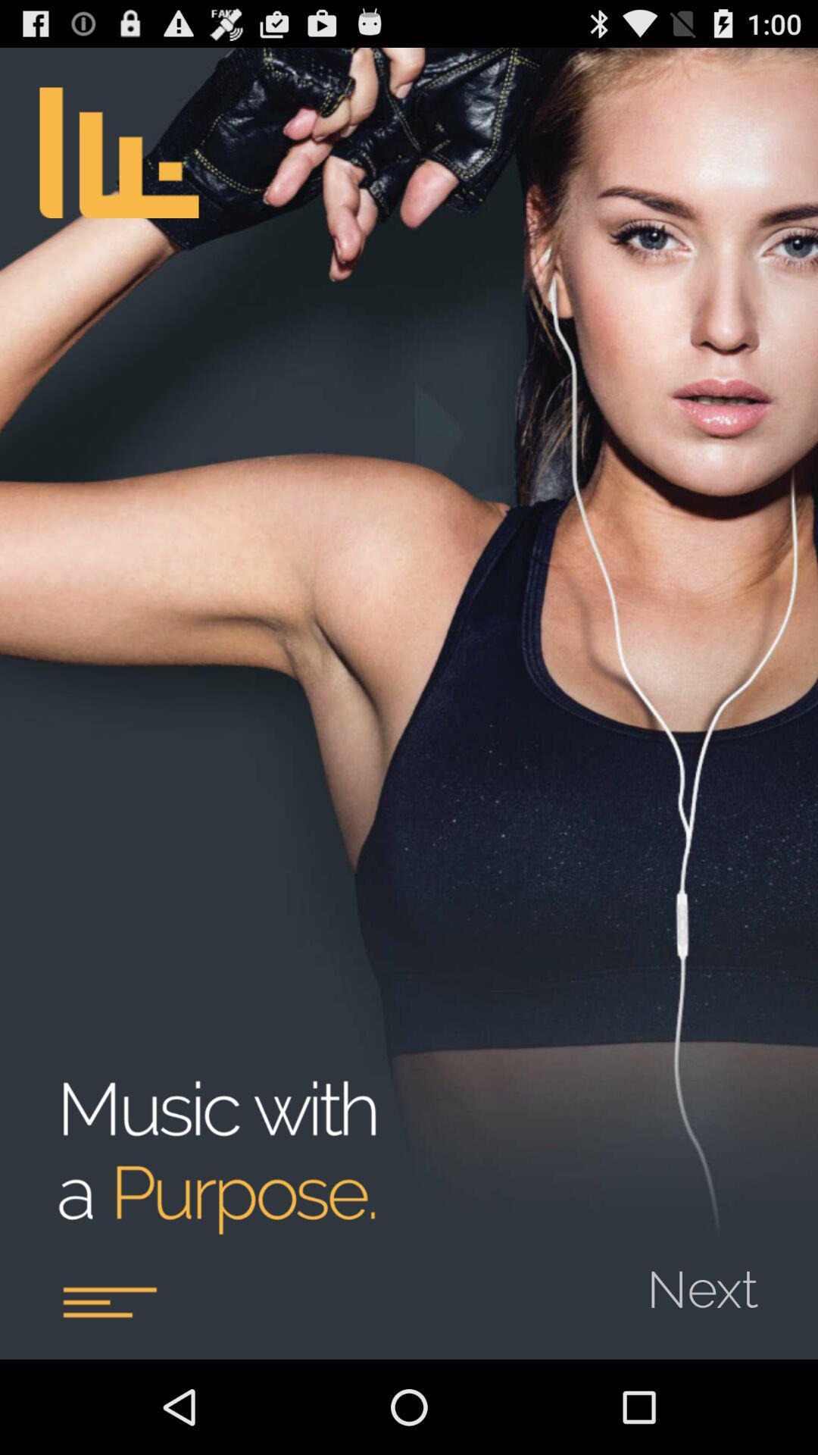 This screenshot has height=1455, width=818. Describe the element at coordinates (108, 1301) in the screenshot. I see `open details or context` at that location.